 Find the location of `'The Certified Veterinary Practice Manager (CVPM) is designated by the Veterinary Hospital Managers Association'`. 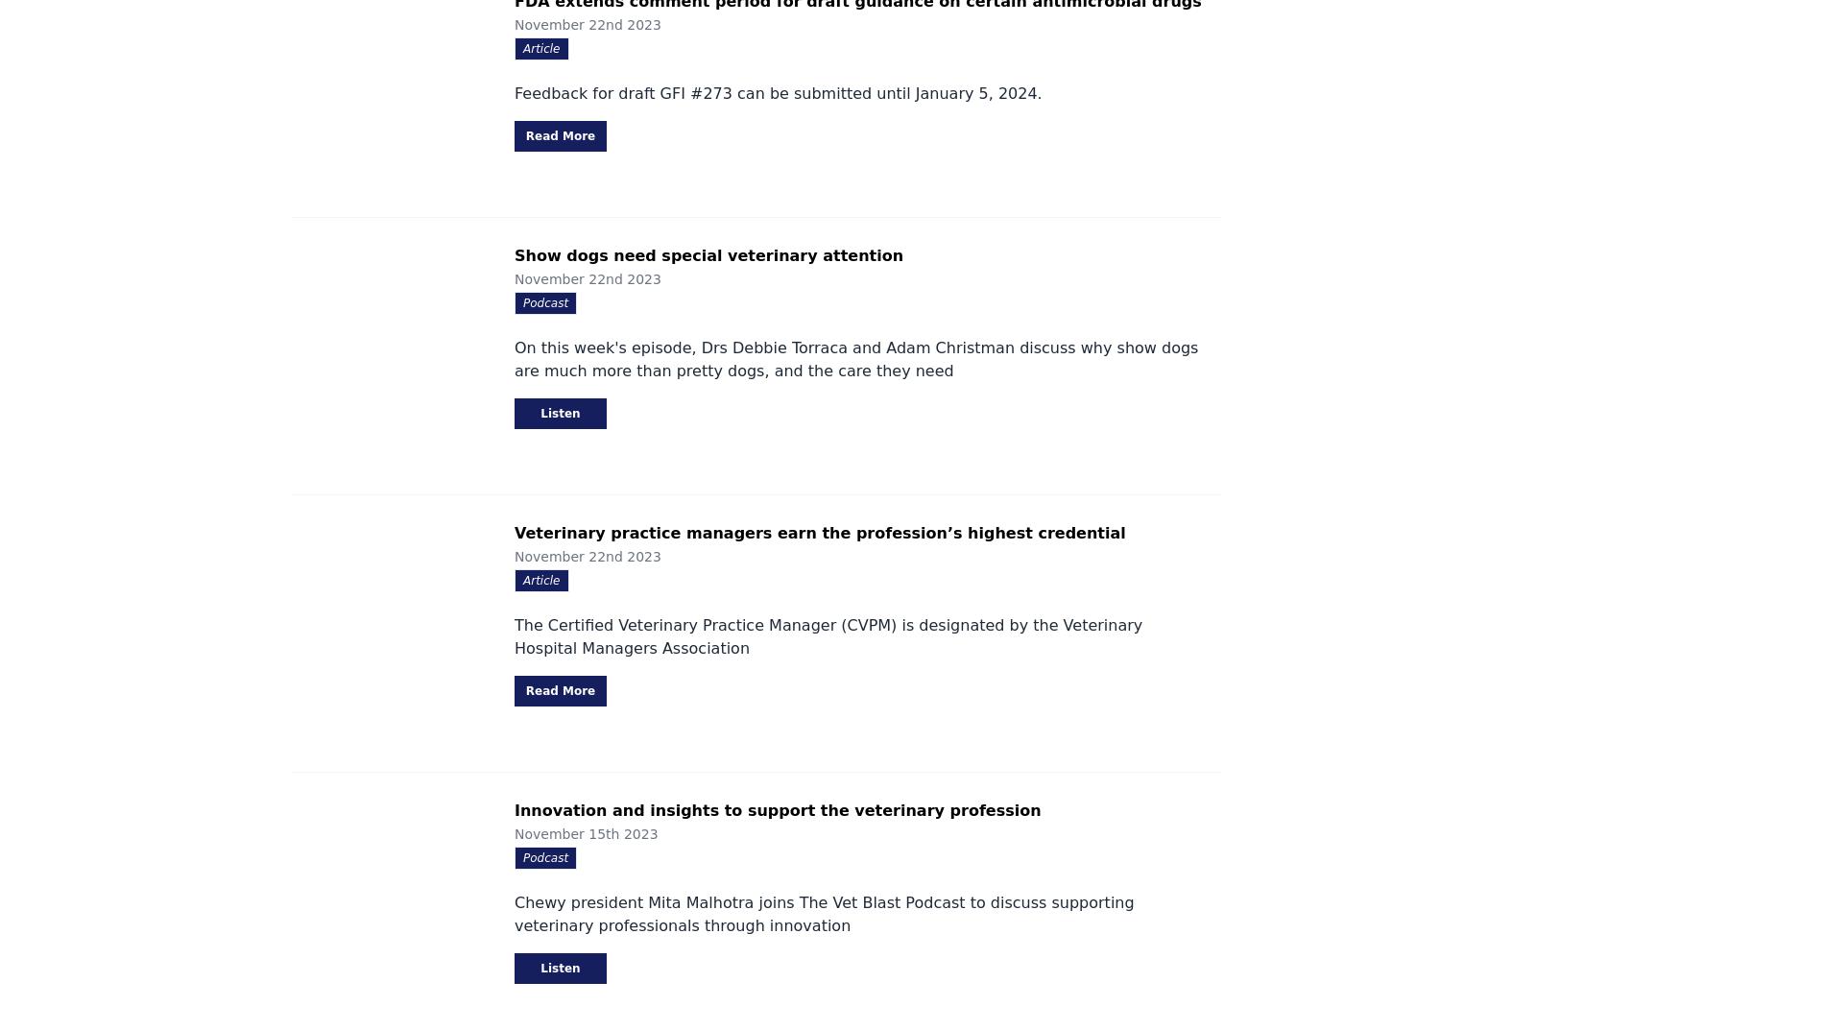

'The Certified Veterinary Practice Manager (CVPM) is designated by the Veterinary Hospital Managers Association' is located at coordinates (827, 636).